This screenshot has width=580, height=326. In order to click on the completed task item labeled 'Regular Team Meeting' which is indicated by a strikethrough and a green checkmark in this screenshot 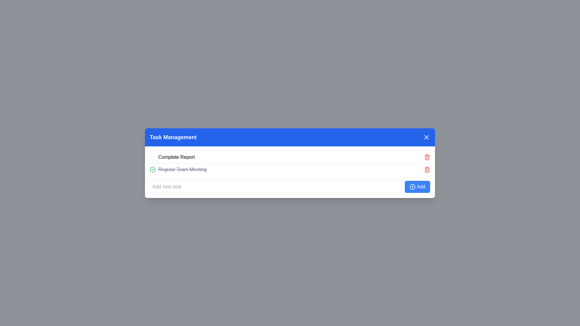, I will do `click(178, 169)`.